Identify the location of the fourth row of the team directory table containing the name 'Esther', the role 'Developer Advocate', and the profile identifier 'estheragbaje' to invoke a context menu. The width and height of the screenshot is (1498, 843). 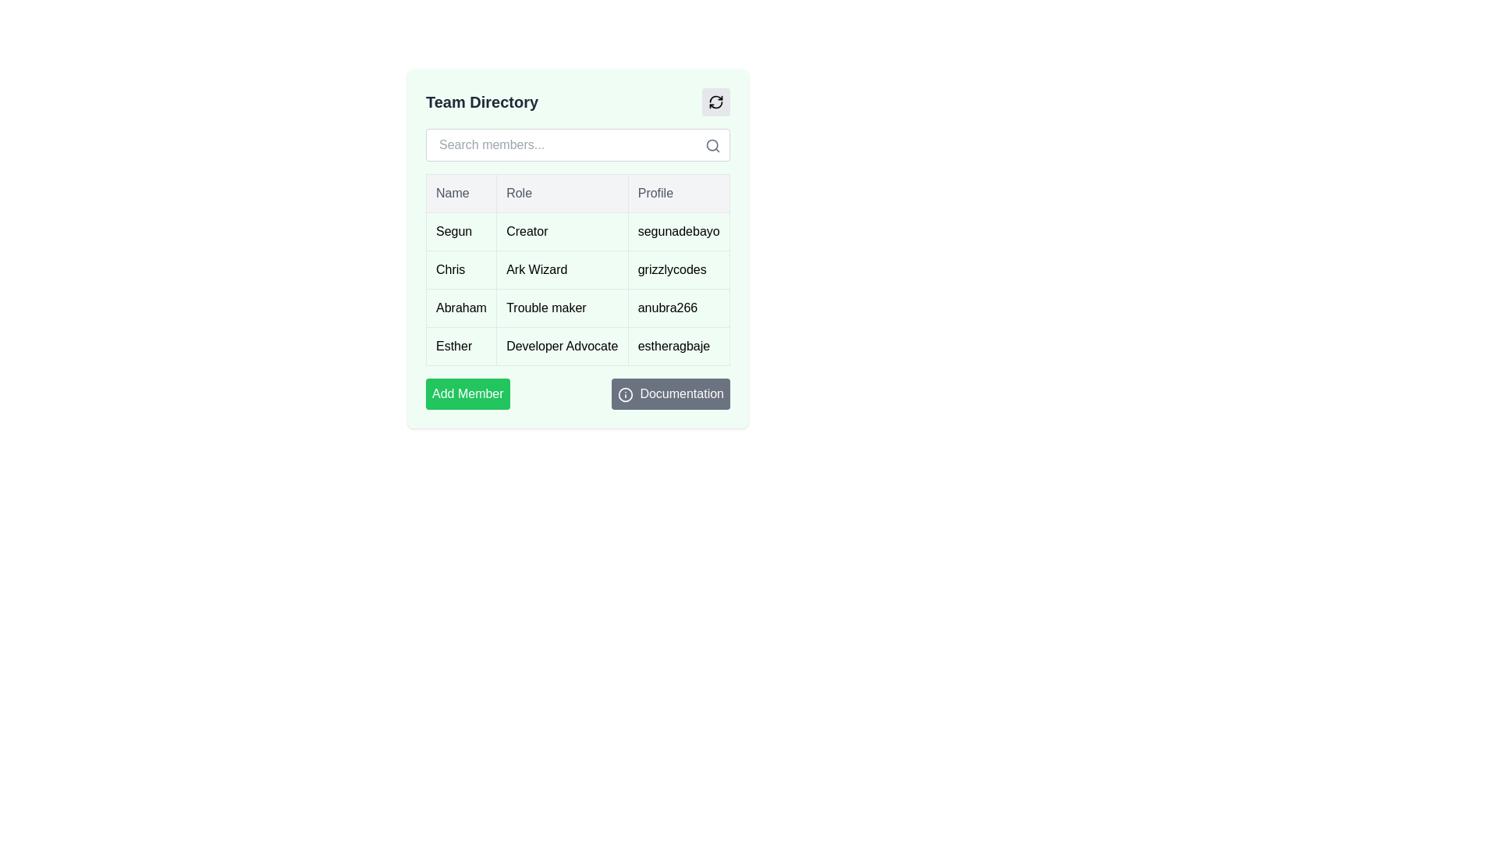
(577, 345).